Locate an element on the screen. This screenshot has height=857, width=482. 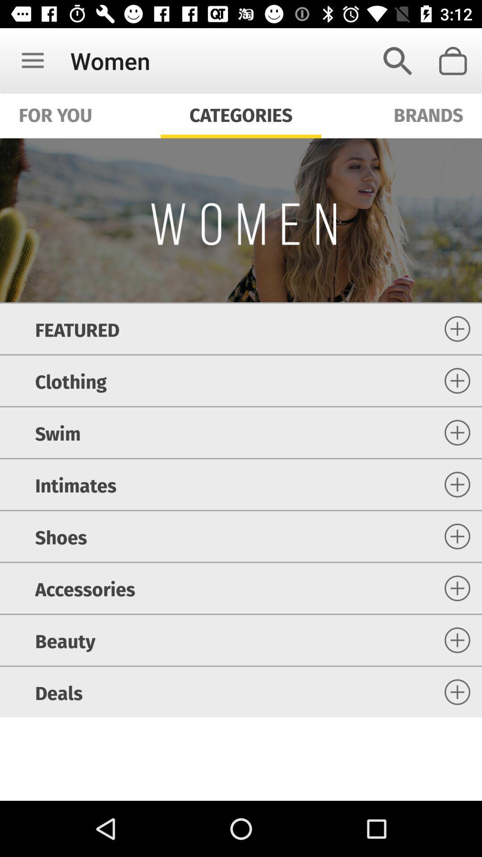
featured item is located at coordinates (77, 328).